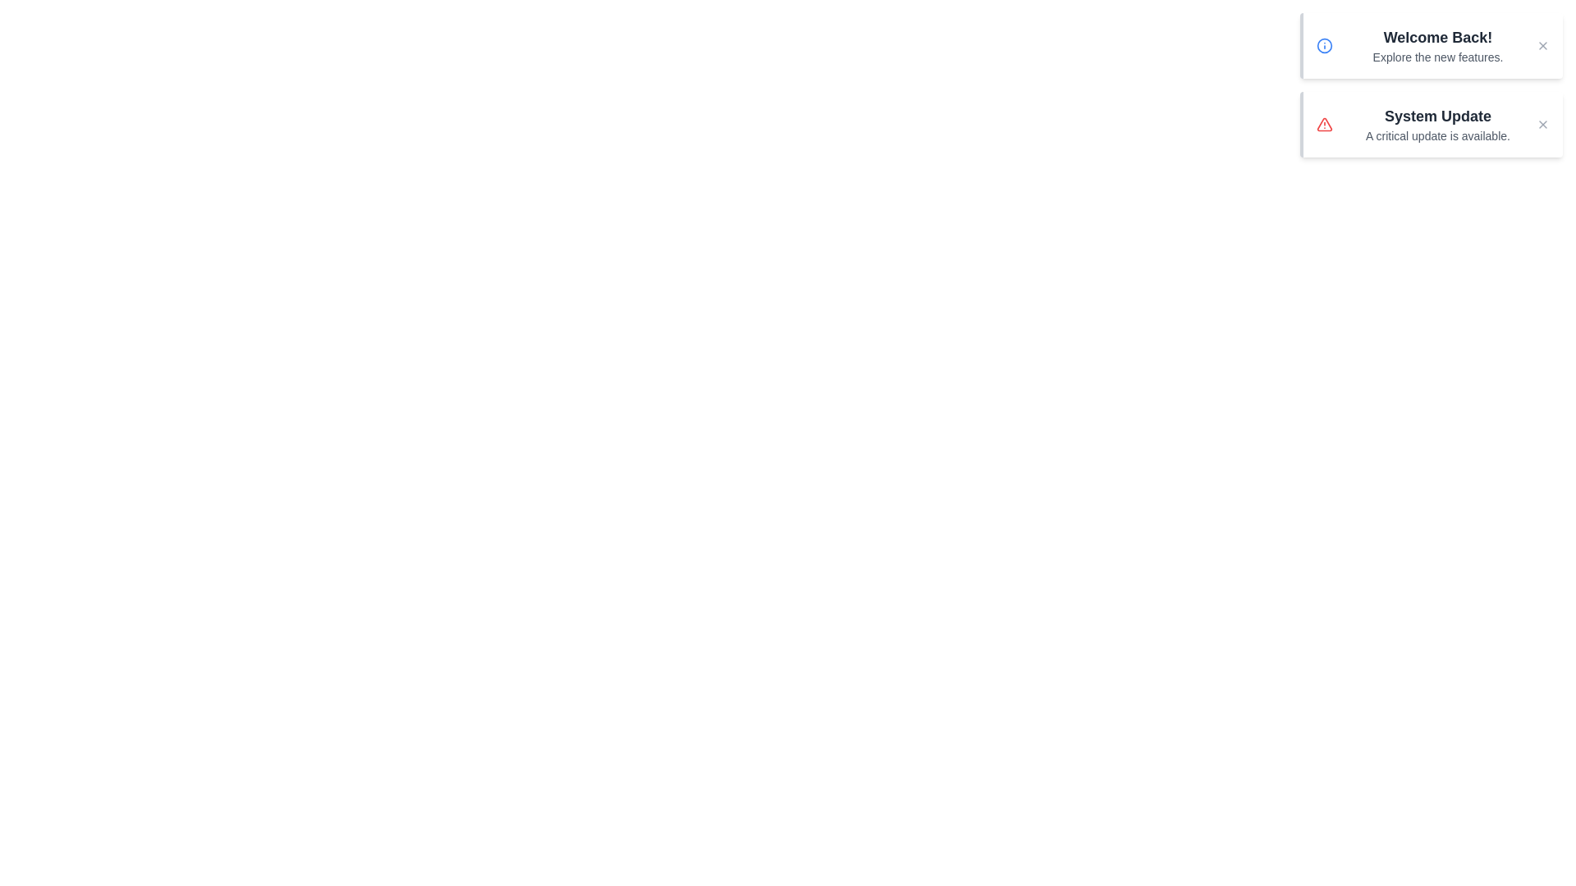 Image resolution: width=1576 pixels, height=886 pixels. I want to click on the notification with title System Update, so click(1430, 123).